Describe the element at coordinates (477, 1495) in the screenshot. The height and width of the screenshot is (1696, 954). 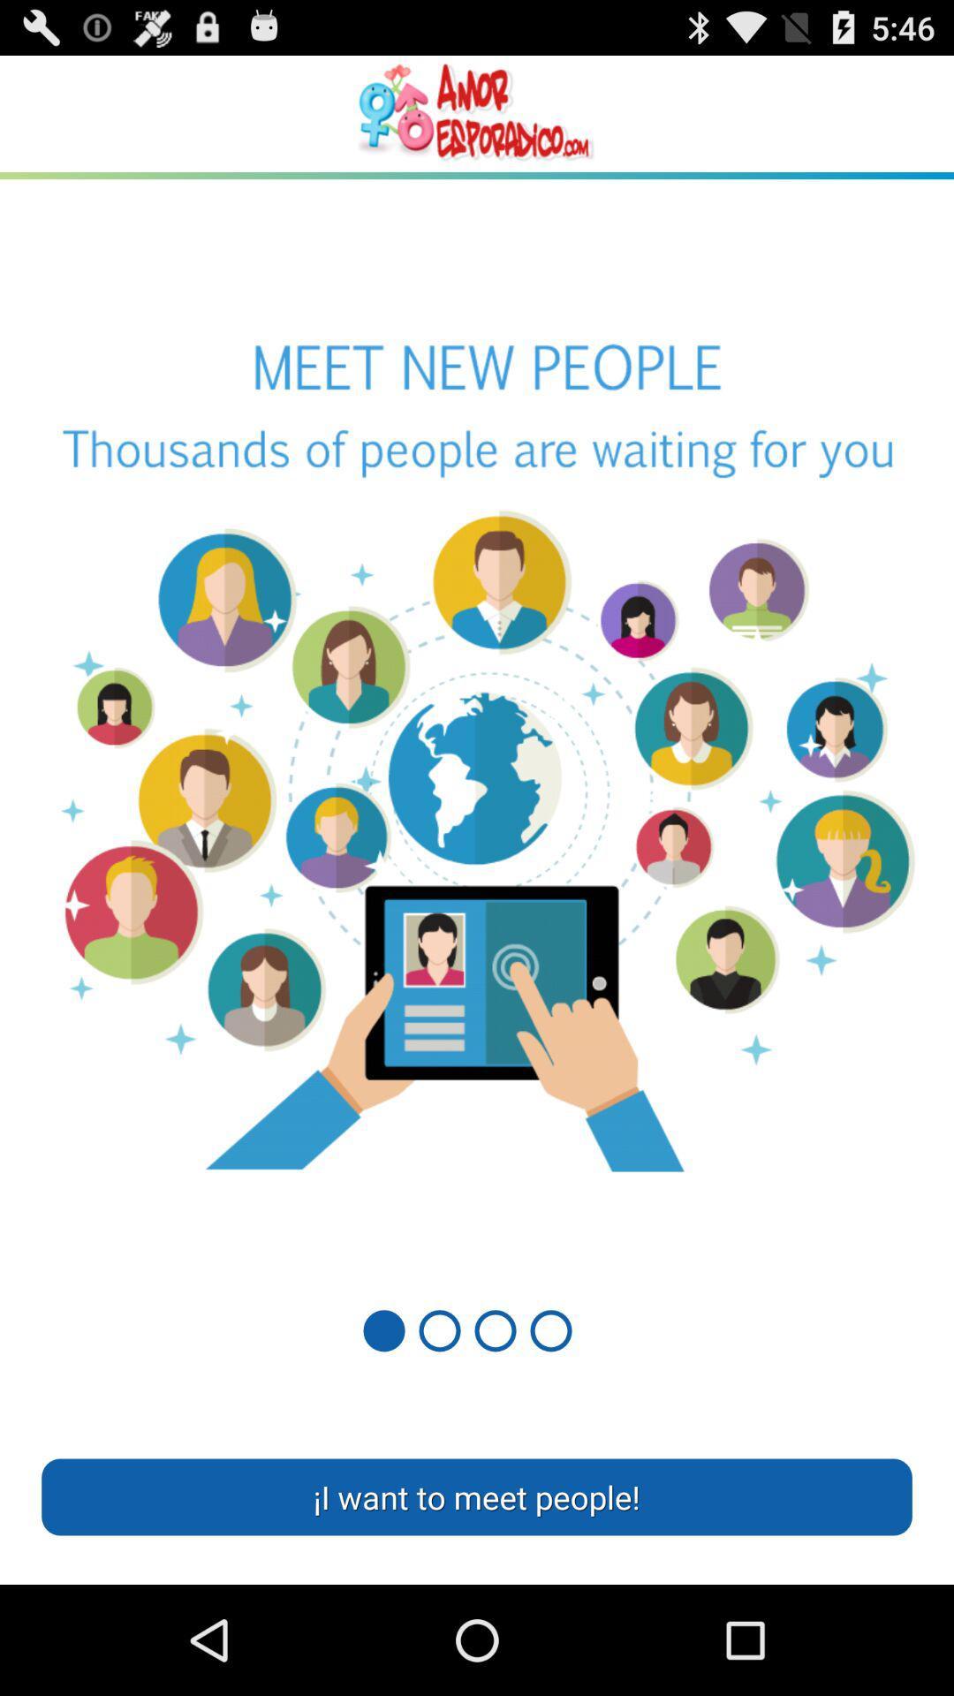
I see `i want to icon` at that location.